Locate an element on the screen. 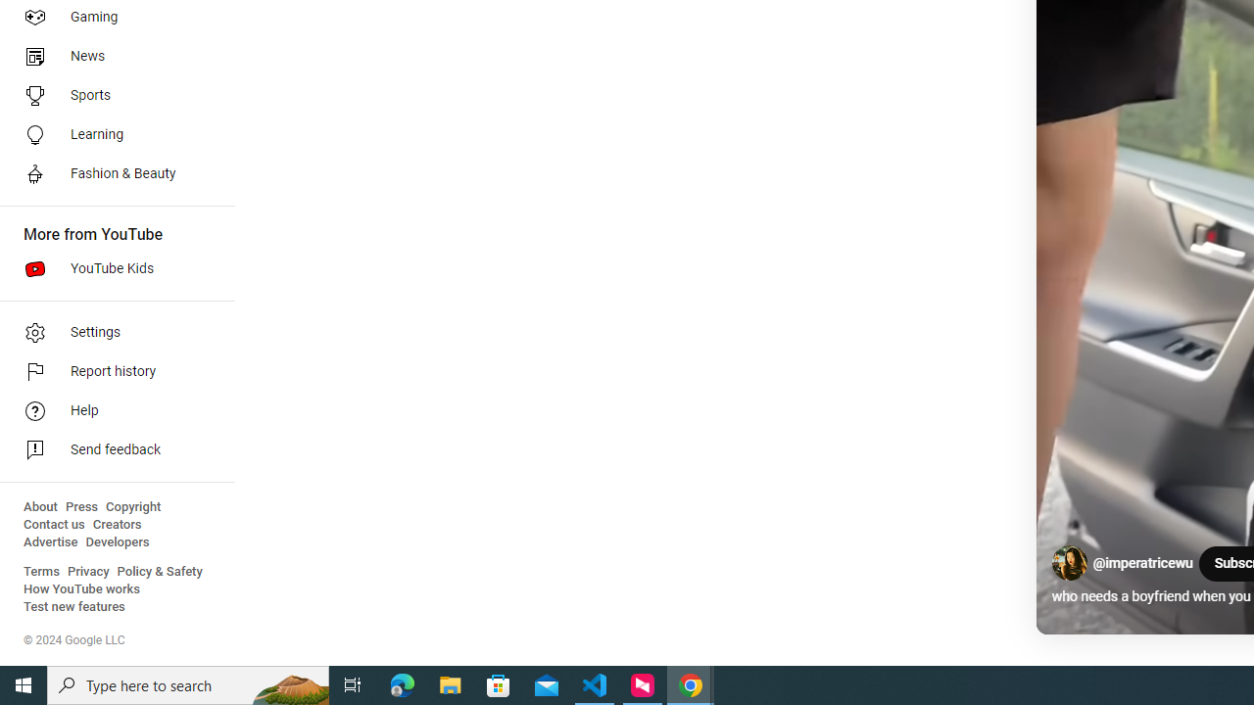 The height and width of the screenshot is (705, 1254). 'Copyright' is located at coordinates (132, 506).